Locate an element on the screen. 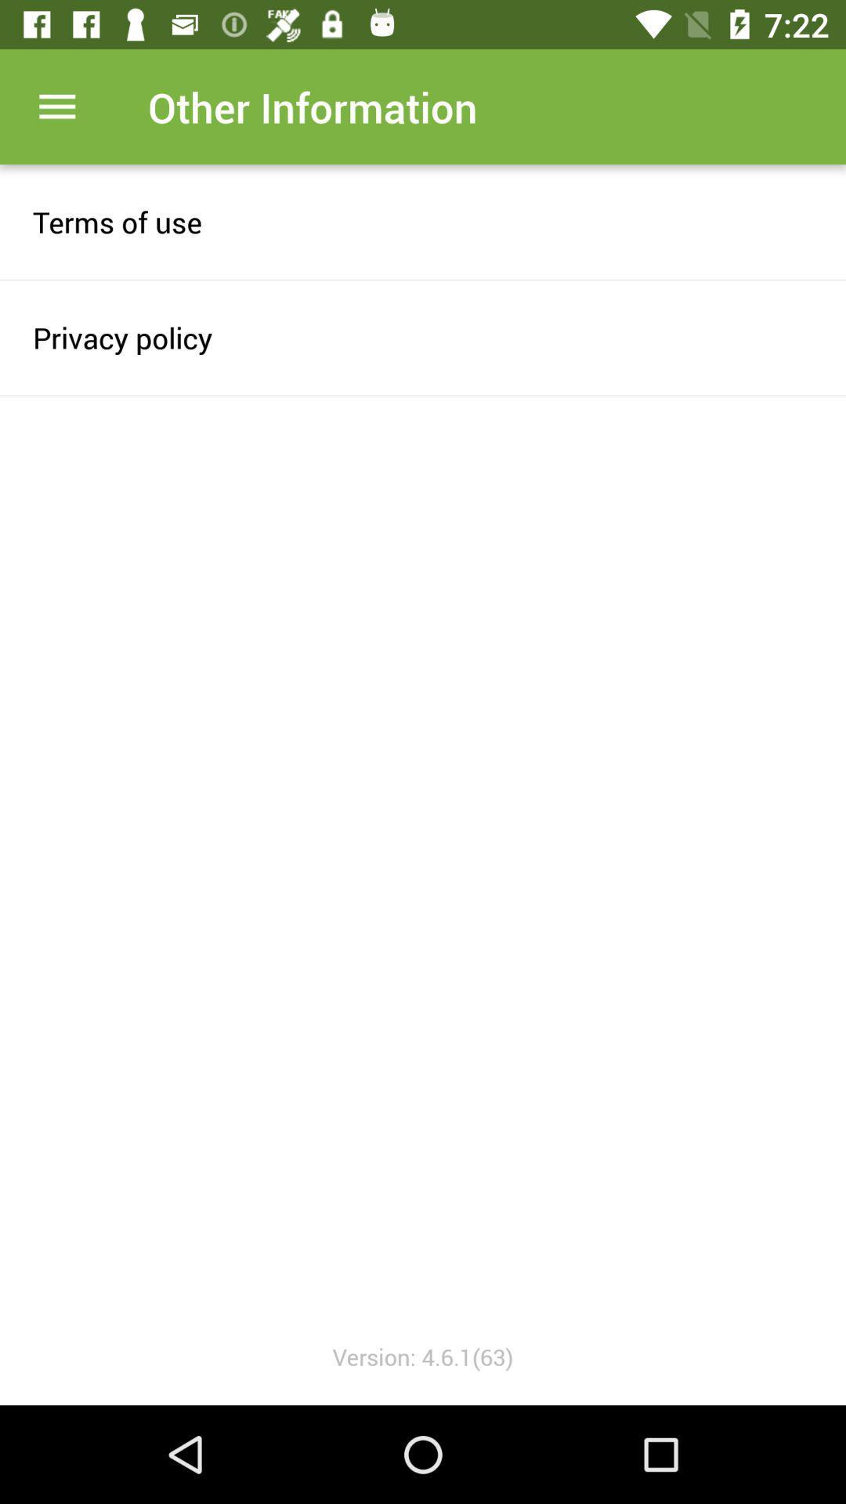 The height and width of the screenshot is (1504, 846). the icon at the top left corner is located at coordinates (56, 106).